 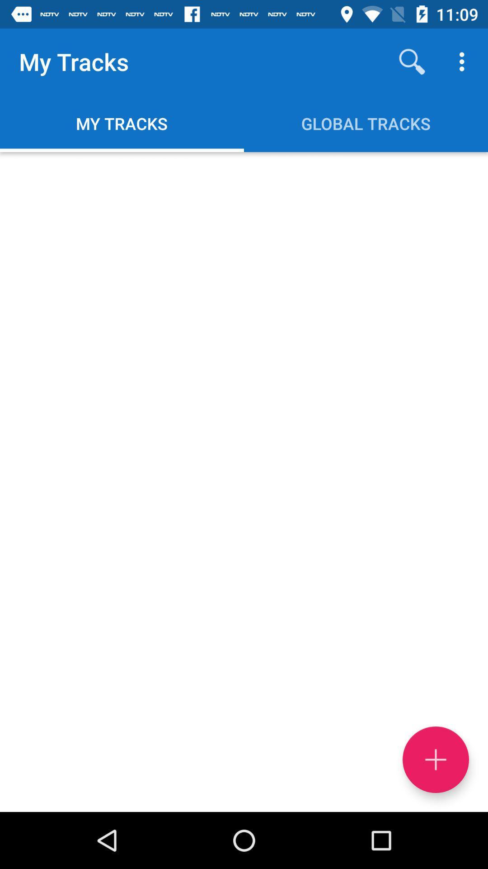 I want to click on item at the center, so click(x=244, y=482).